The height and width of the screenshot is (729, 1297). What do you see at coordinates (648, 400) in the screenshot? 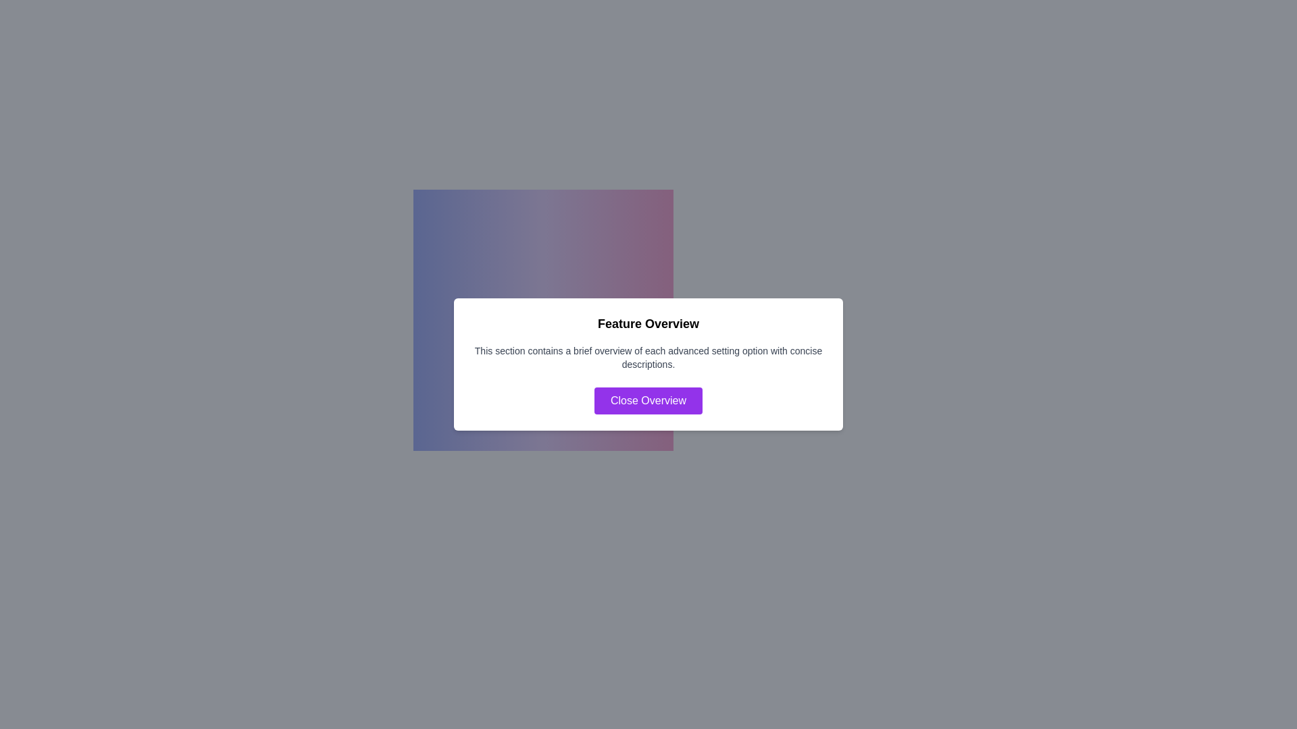
I see `the button at the bottom of the white box` at bounding box center [648, 400].